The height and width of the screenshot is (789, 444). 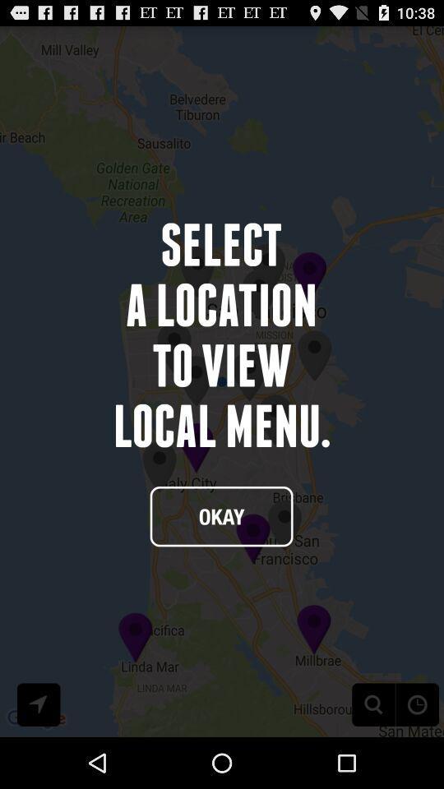 I want to click on the search icon, so click(x=373, y=754).